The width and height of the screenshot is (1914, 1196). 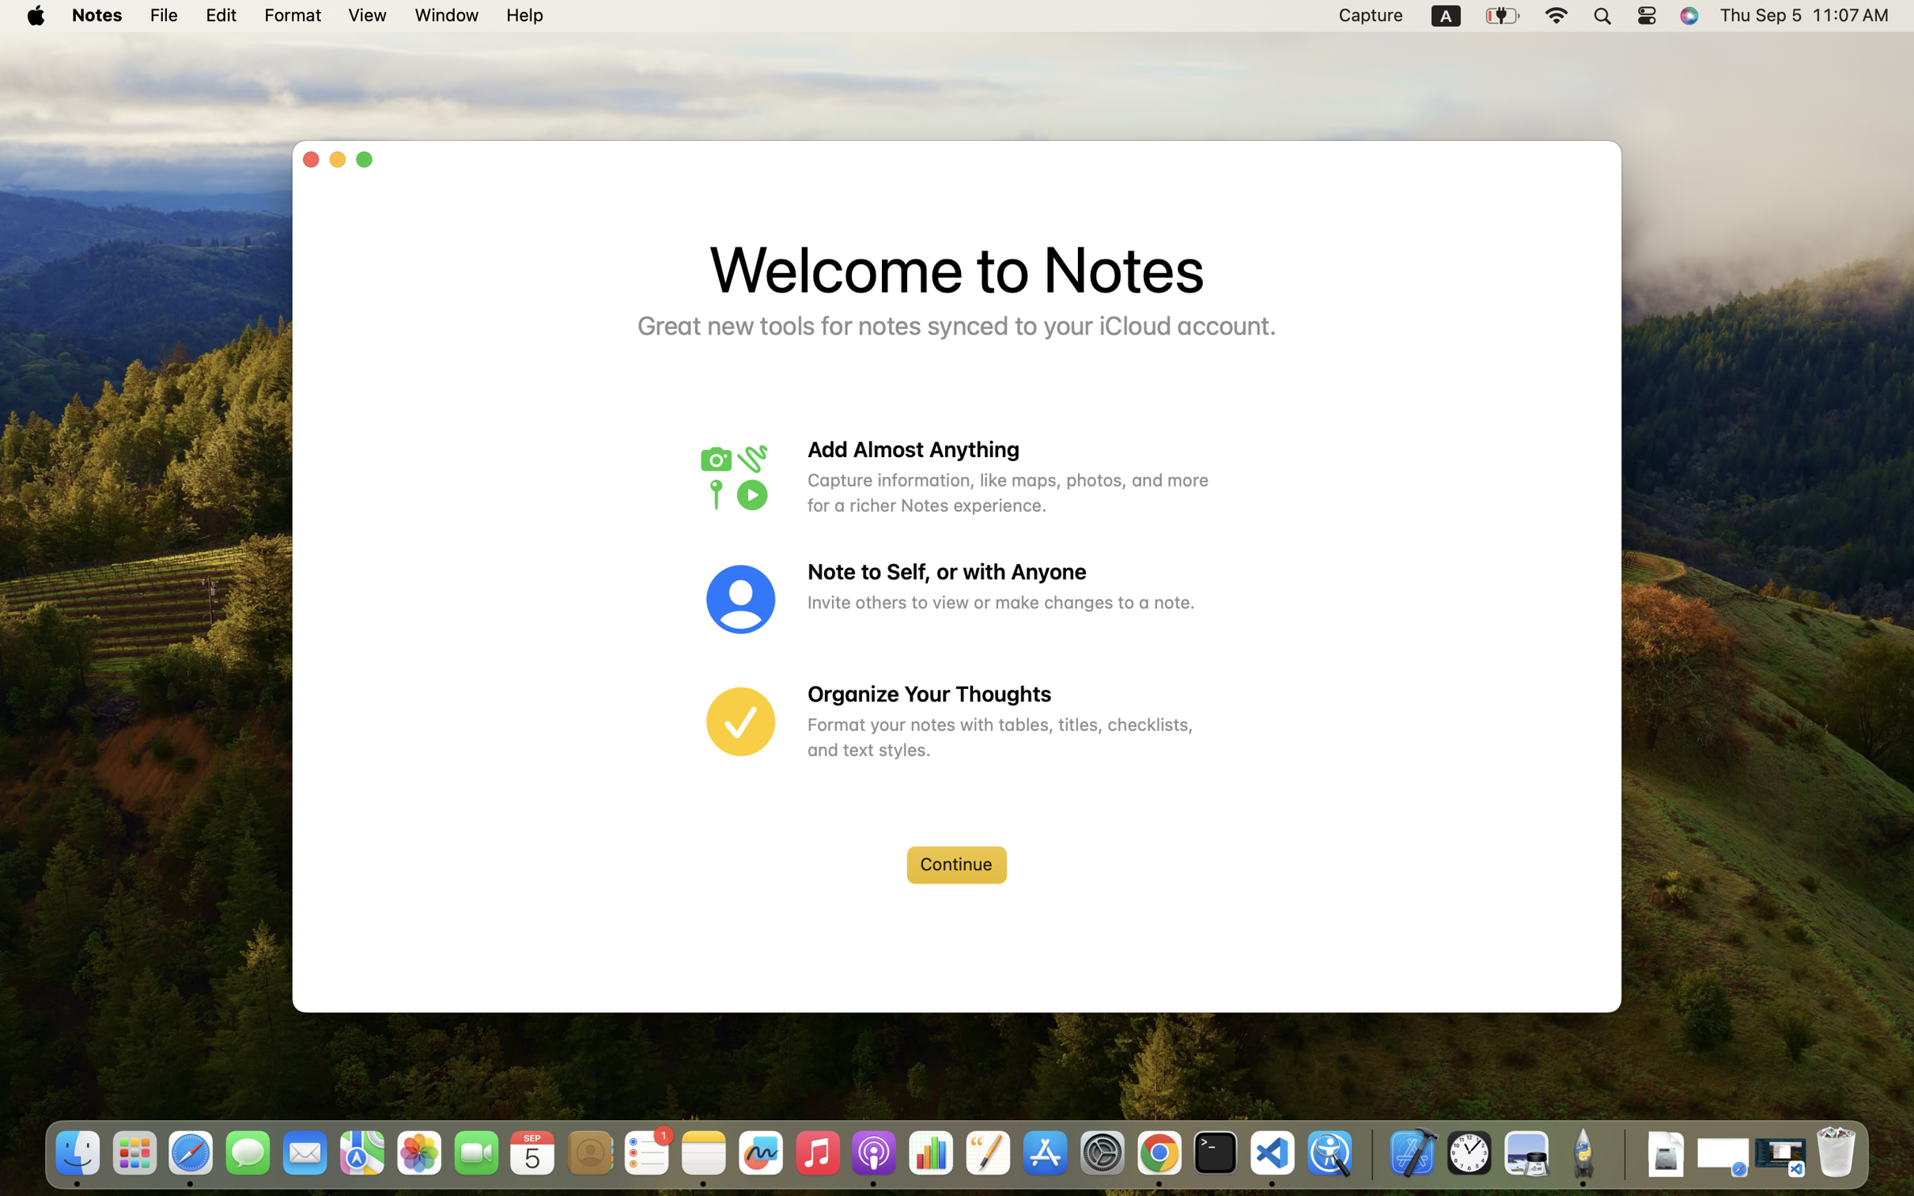 I want to click on 'Capture information, like maps, photos, and more for a richer Notes experience.', so click(x=1009, y=492).